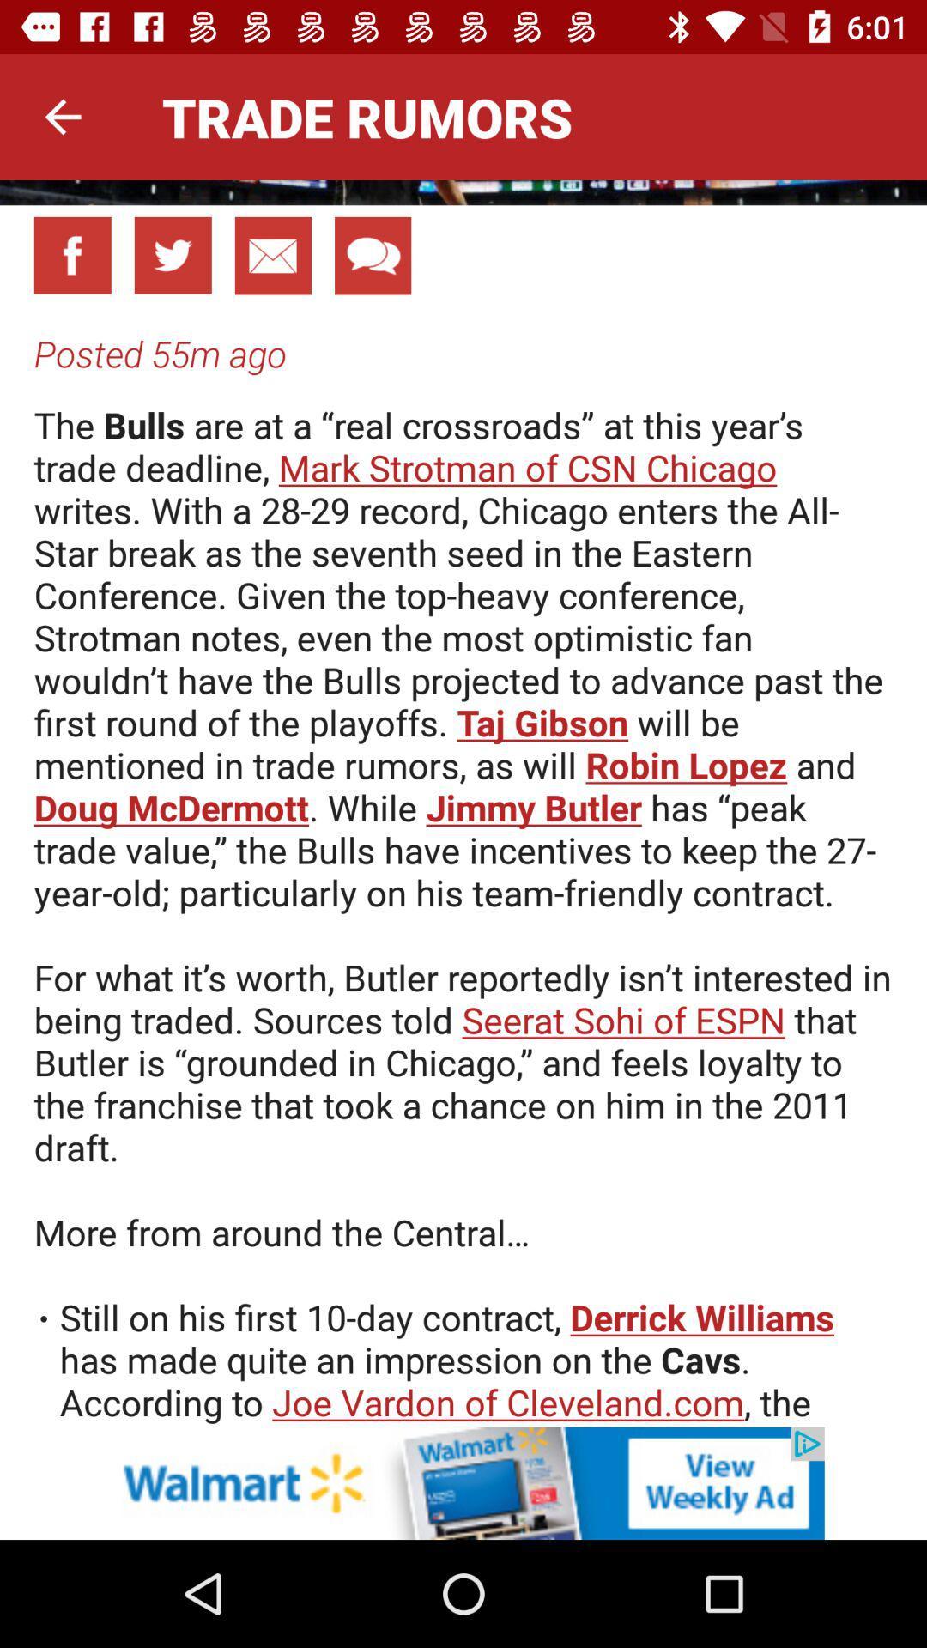 The width and height of the screenshot is (927, 1648). What do you see at coordinates (71, 254) in the screenshot?
I see `the facebook icon` at bounding box center [71, 254].